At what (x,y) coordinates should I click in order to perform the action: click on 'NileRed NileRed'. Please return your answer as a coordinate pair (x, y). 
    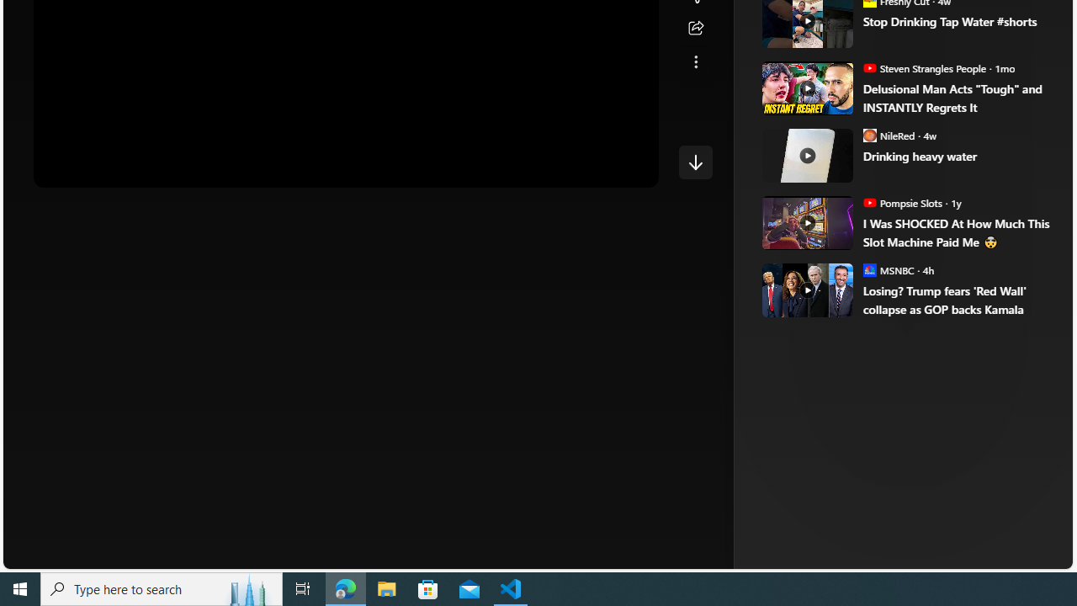
    Looking at the image, I should click on (888, 134).